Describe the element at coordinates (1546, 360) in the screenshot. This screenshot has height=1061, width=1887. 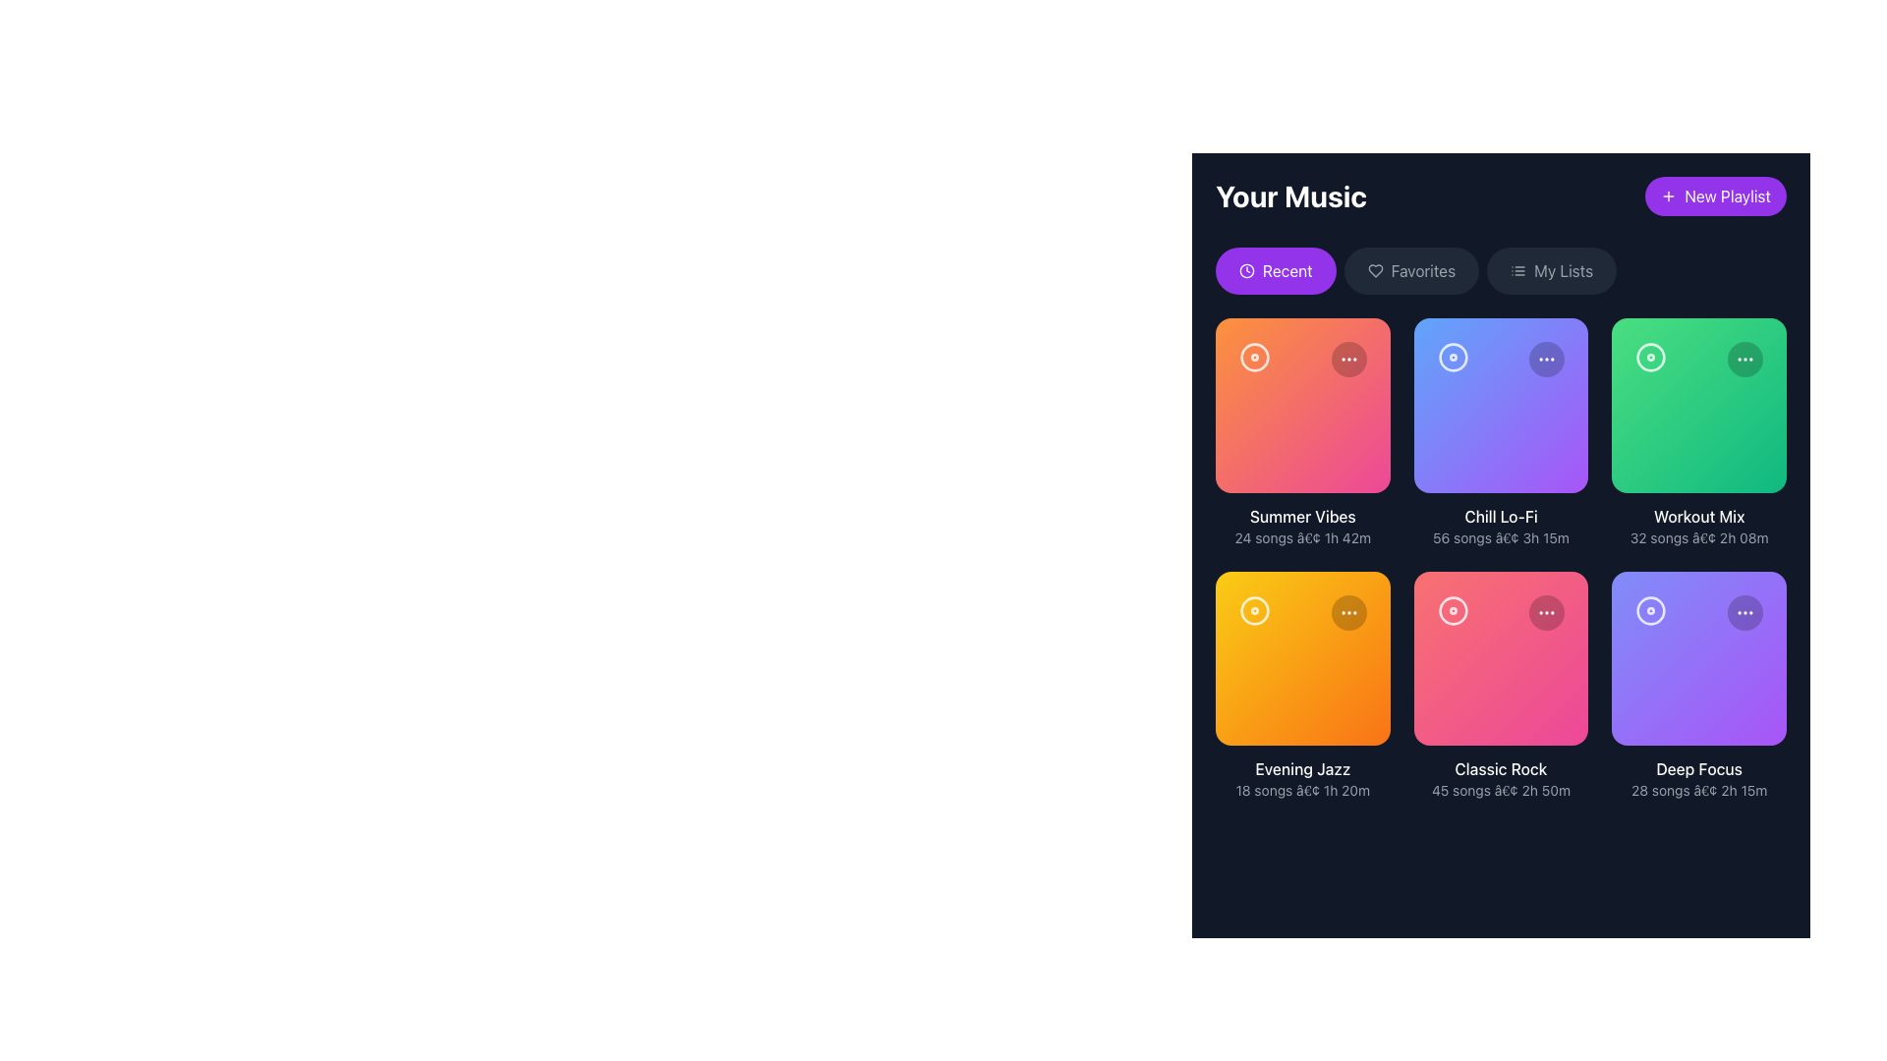
I see `the circular button with a transparent black background and three small white dots located in the top-right corner of the 'Chill Lo-Fi' card in the music playlist section` at that location.